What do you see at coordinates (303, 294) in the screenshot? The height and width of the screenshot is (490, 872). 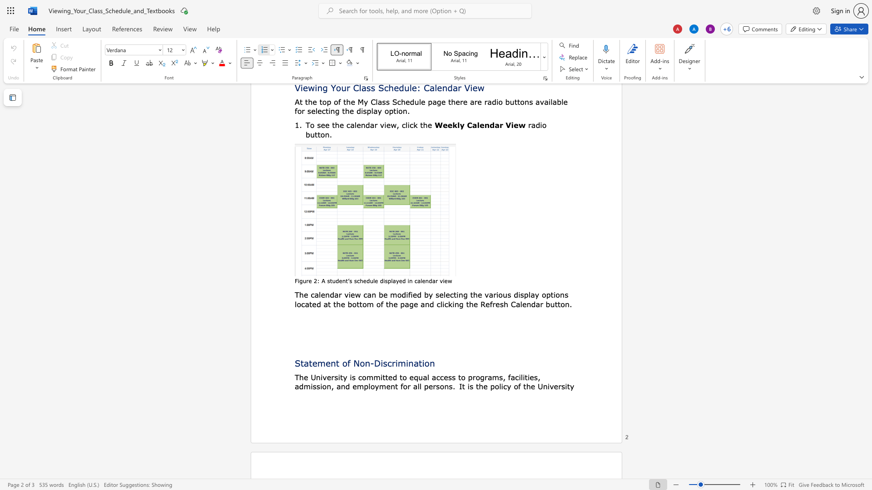 I see `the space between the continuous character "h" and "e" in the text` at bounding box center [303, 294].